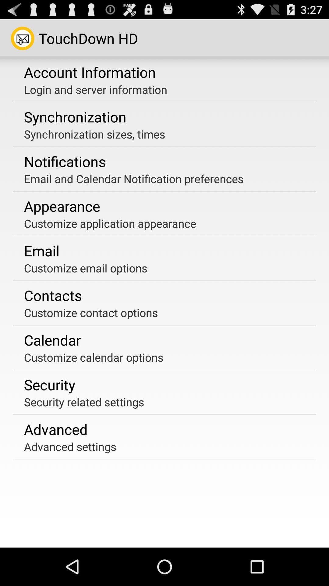  I want to click on the item above the email item, so click(110, 223).